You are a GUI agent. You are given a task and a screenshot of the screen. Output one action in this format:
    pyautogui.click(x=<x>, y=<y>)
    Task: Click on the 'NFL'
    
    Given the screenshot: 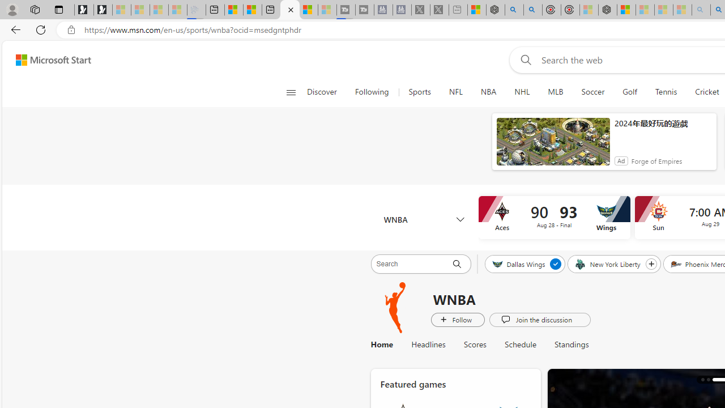 What is the action you would take?
    pyautogui.click(x=455, y=92)
    